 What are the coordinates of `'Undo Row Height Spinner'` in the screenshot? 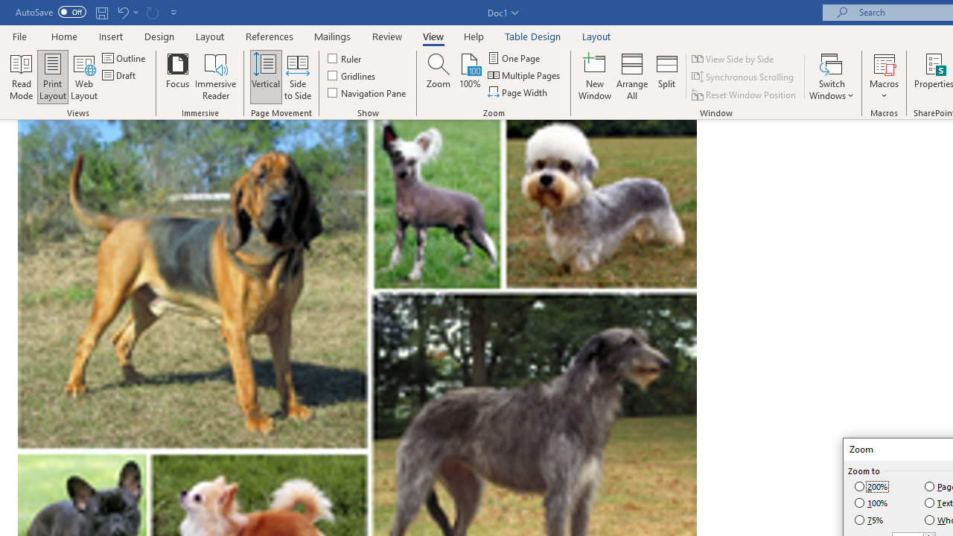 It's located at (127, 12).